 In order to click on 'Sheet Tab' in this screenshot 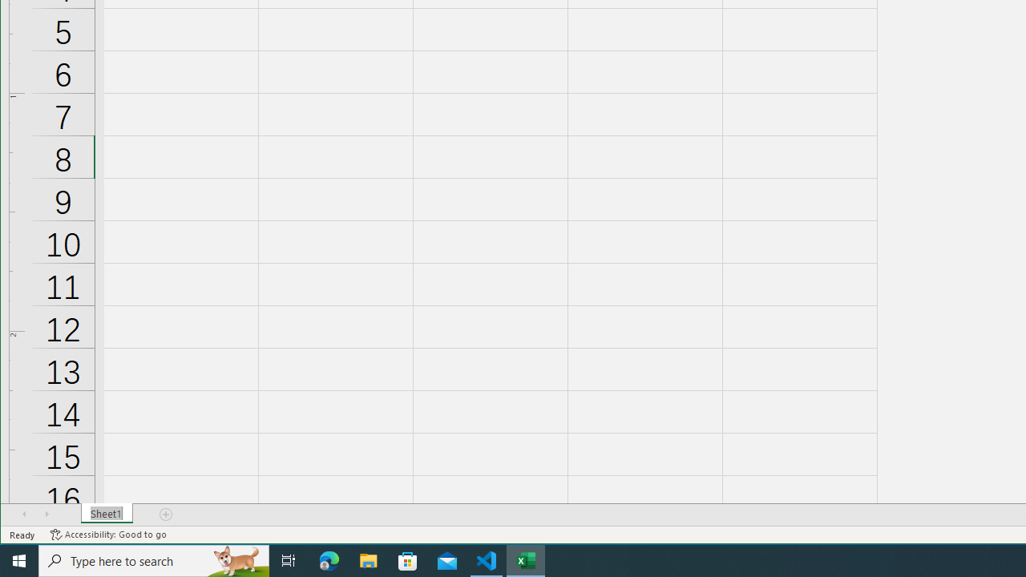, I will do `click(106, 514)`.